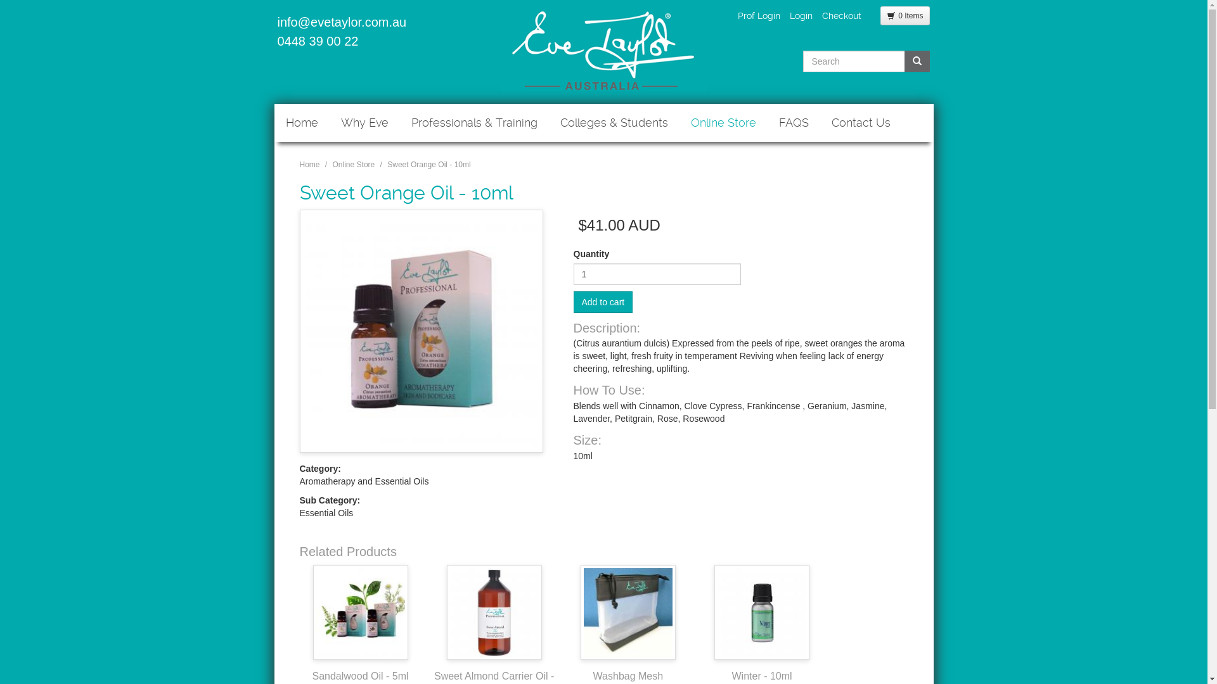  I want to click on '0 Items', so click(904, 15).